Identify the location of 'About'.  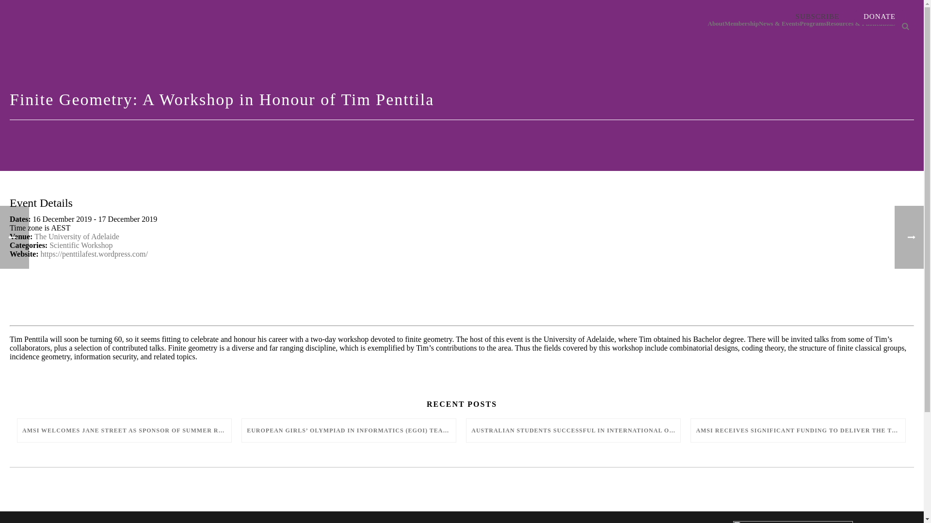
(716, 24).